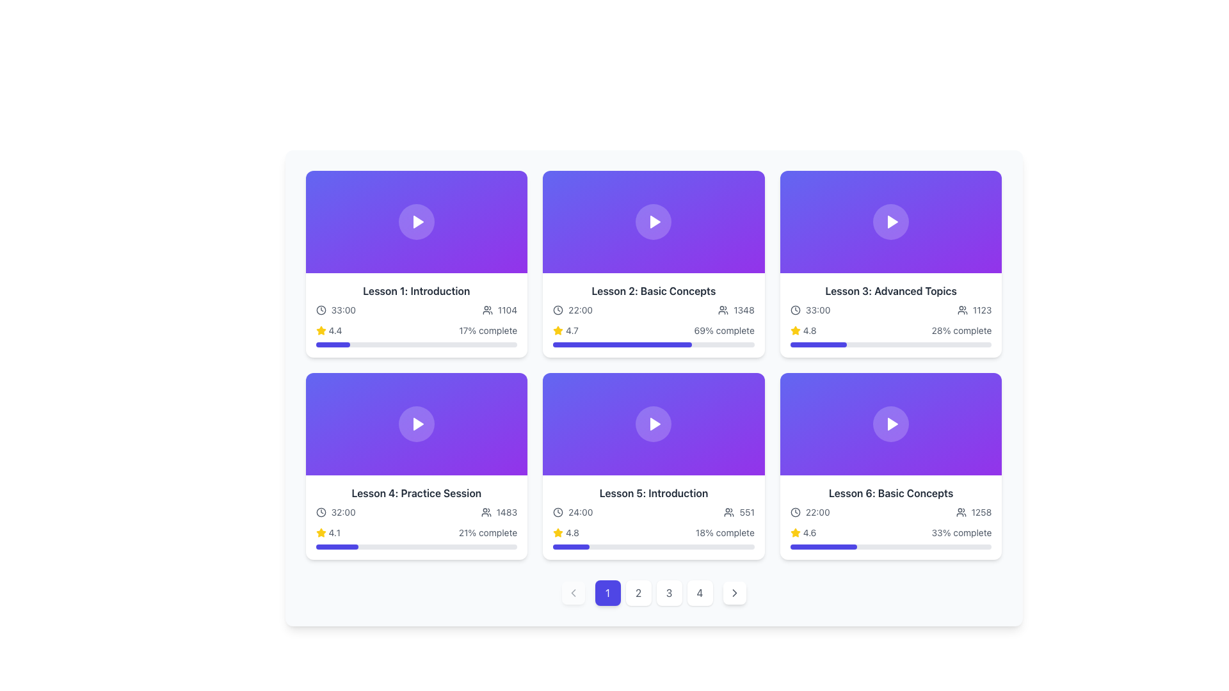 This screenshot has height=691, width=1229. Describe the element at coordinates (416, 335) in the screenshot. I see `the star rating of the Progress indicator with rating, which displays a yellow 4.4 rating` at that location.